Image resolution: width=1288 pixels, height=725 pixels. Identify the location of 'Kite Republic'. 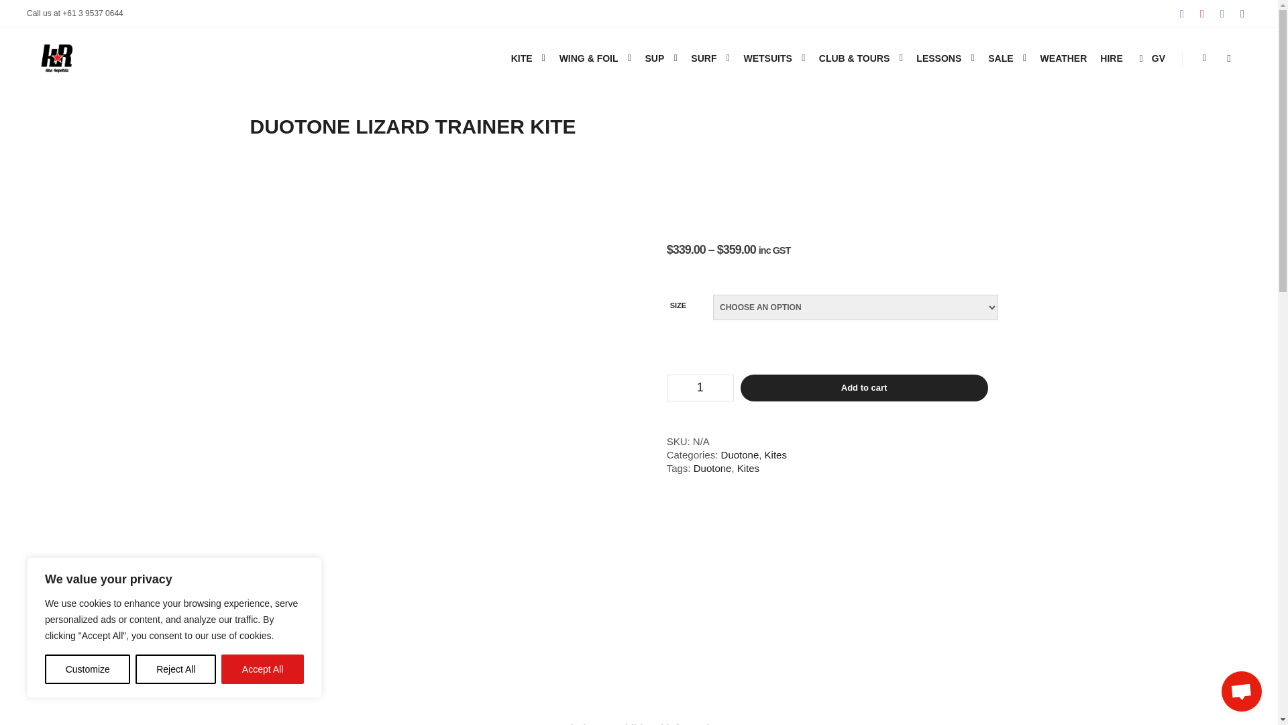
(56, 58).